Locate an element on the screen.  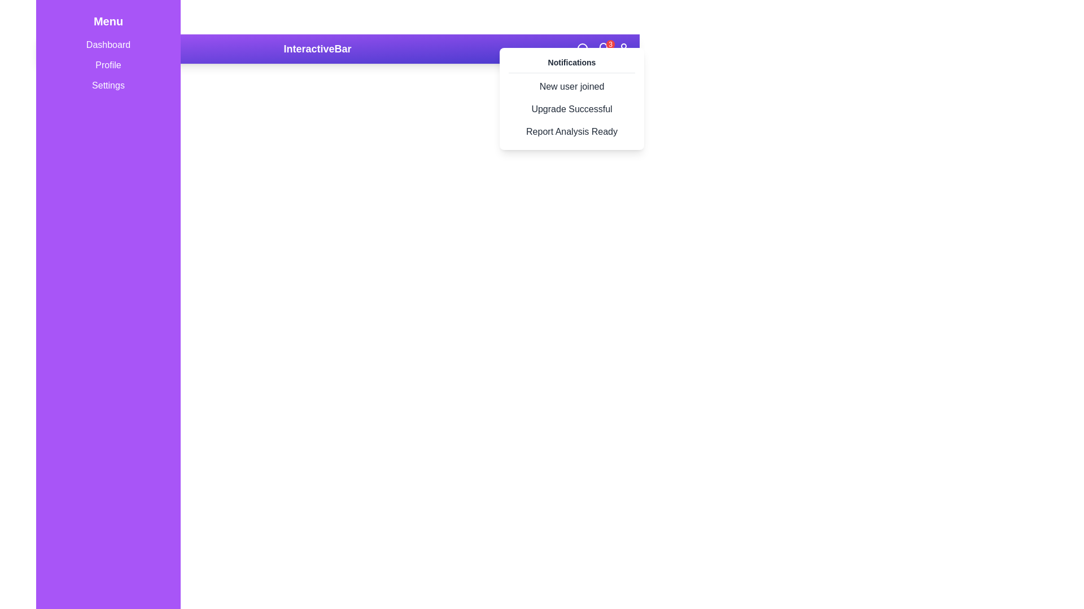
the third notification item in the vertical notification list, which provides information about the readiness of a report analysis is located at coordinates (571, 131).